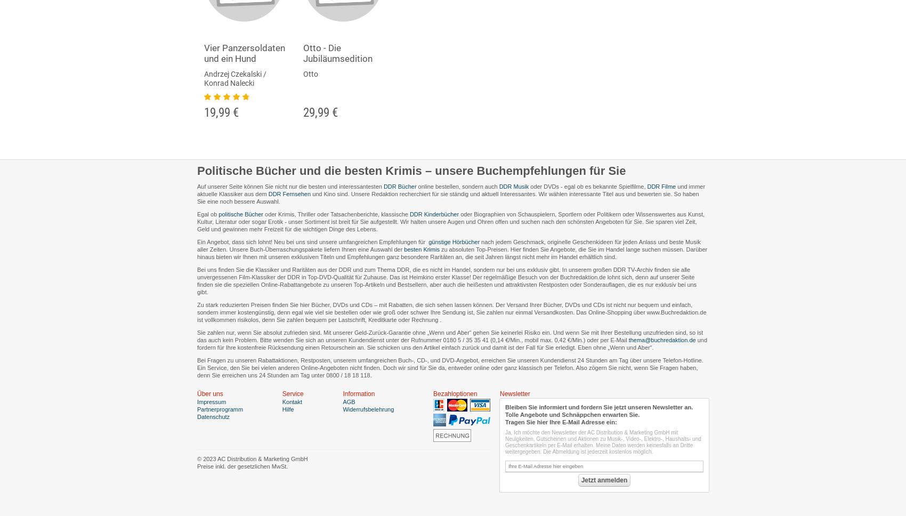 The image size is (906, 516). Describe the element at coordinates (196, 245) in the screenshot. I see `'nach jedem Geschmack, originelle Geschenkideen für jeden Anlass und beste Musik aller Zeiten. Unsere Buch-Überraschungspakete liefern Ihnen eine Auswahl der'` at that location.